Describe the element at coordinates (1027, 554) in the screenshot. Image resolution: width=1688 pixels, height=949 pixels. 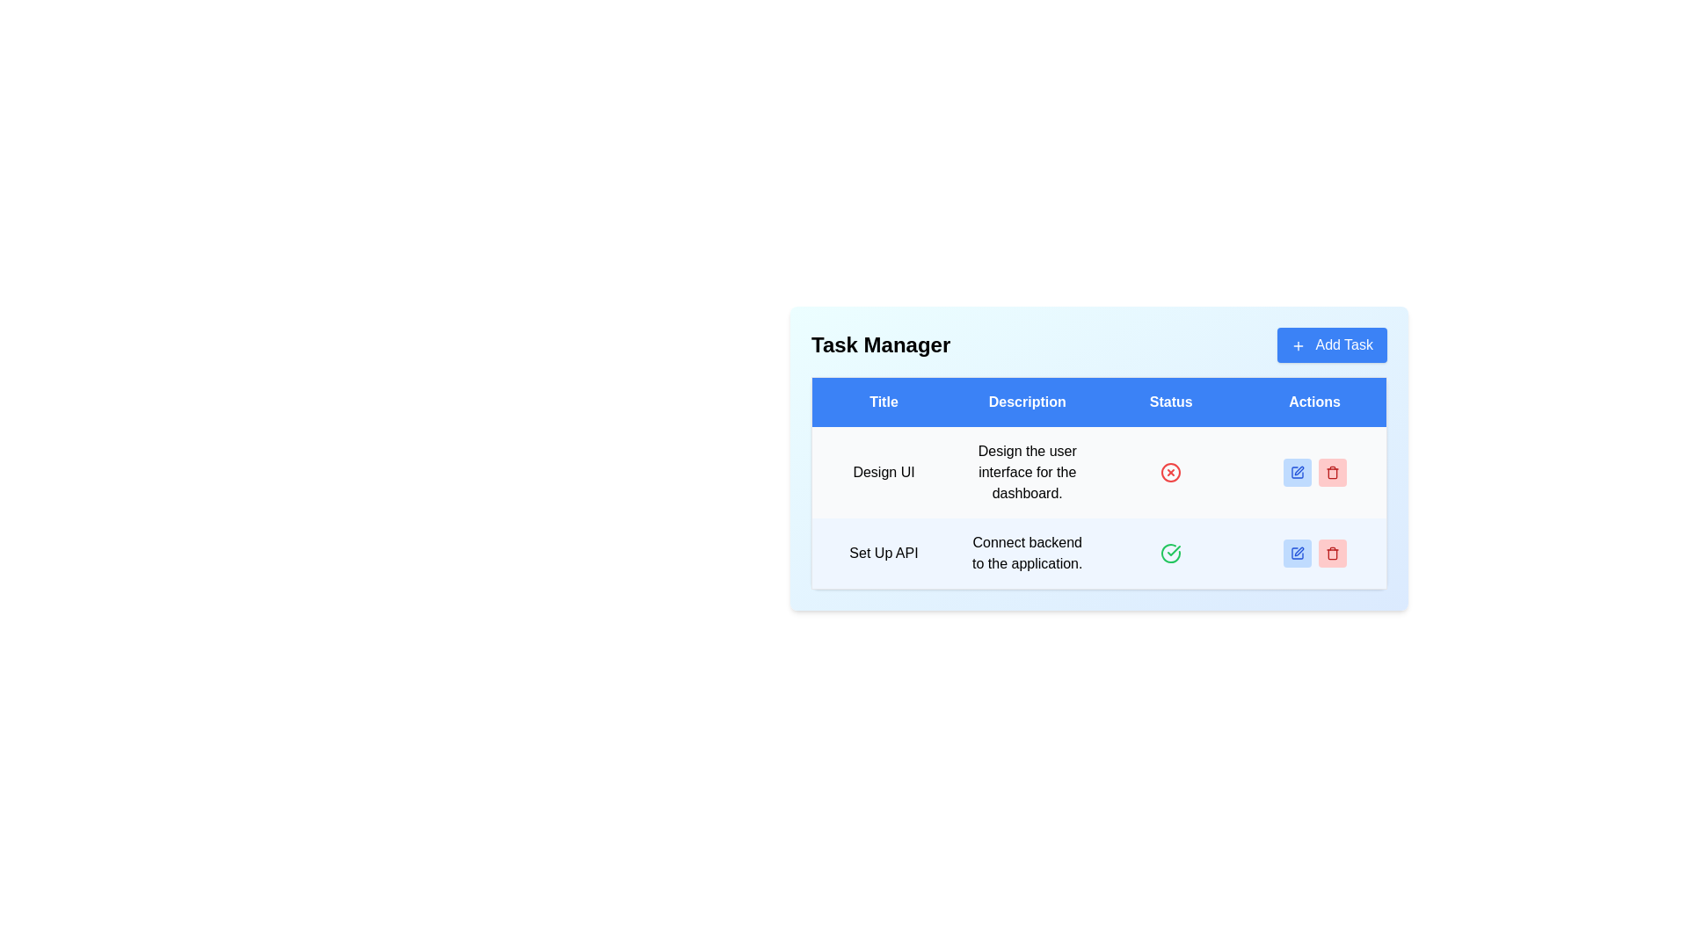
I see `the descriptive text cell in the second row of the table under the 'Description' column, which provides additional information about the task titled 'Set Up API'` at that location.